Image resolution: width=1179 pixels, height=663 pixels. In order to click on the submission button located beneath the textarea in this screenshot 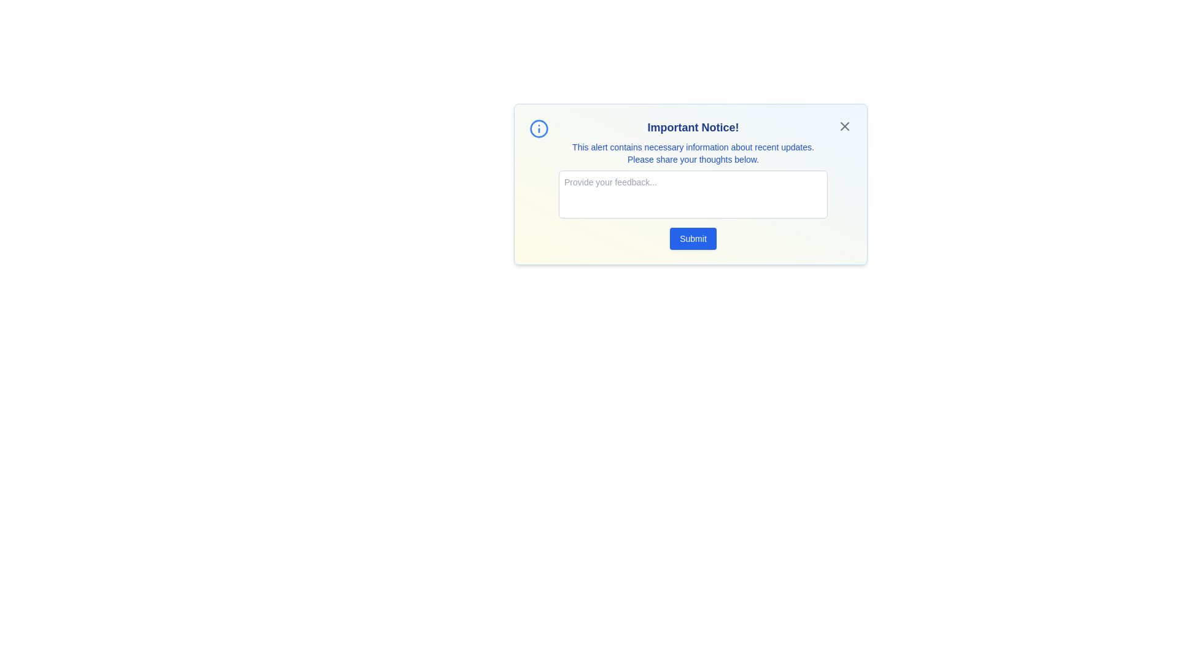, I will do `click(693, 239)`.